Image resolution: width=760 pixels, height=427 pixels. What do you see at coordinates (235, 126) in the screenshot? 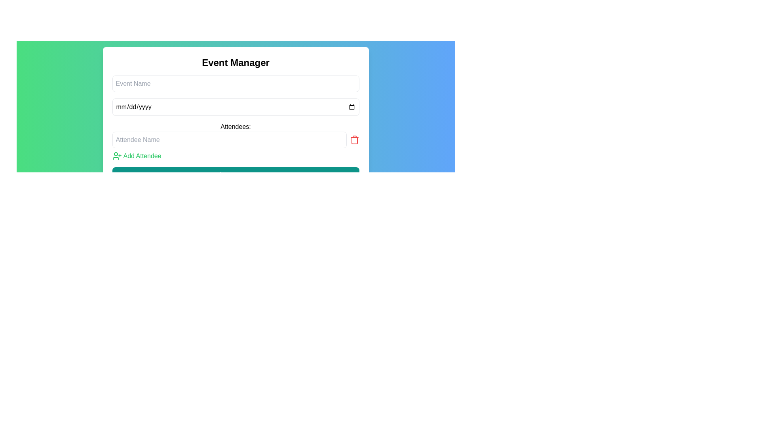
I see `text label displaying 'Attendees:' which is a bolded text in medium size located above the attendee input field` at bounding box center [235, 126].